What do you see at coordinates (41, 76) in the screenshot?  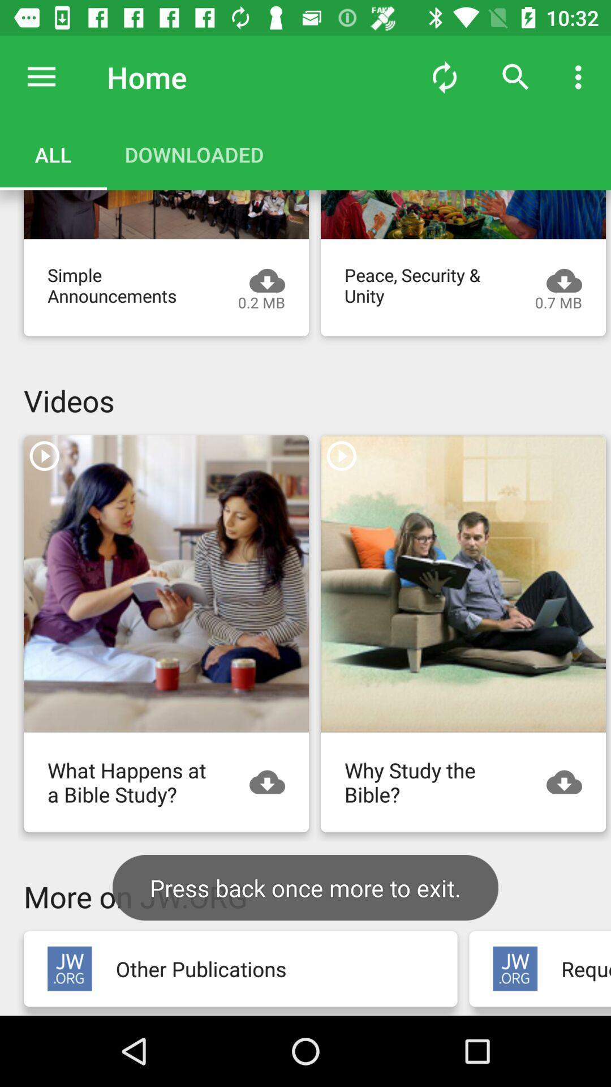 I see `settings` at bounding box center [41, 76].